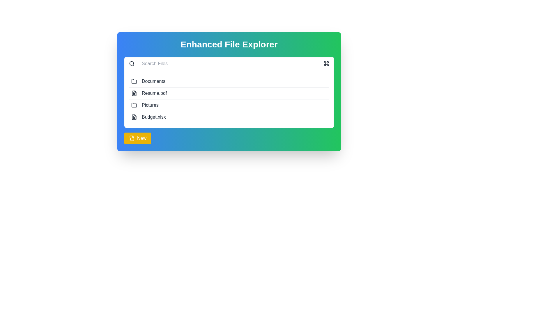 This screenshot has width=559, height=314. I want to click on the circular icon that resembles a magnifying glass, which is part of the search functionality to the left of the 'Search Files' text input field, so click(131, 63).